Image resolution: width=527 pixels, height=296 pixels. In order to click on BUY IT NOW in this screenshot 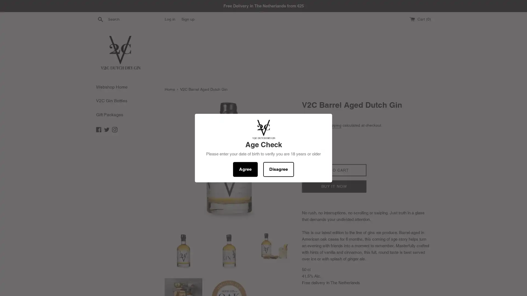, I will do `click(334, 186)`.